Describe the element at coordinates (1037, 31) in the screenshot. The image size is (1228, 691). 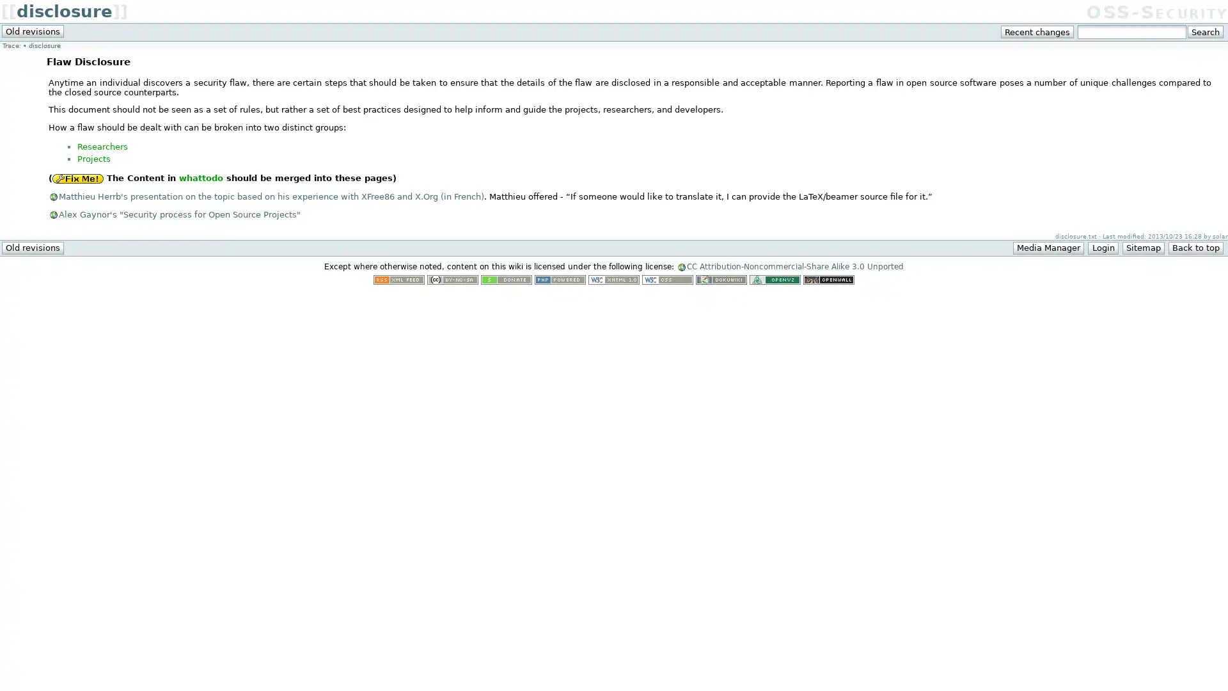
I see `Recent changes` at that location.